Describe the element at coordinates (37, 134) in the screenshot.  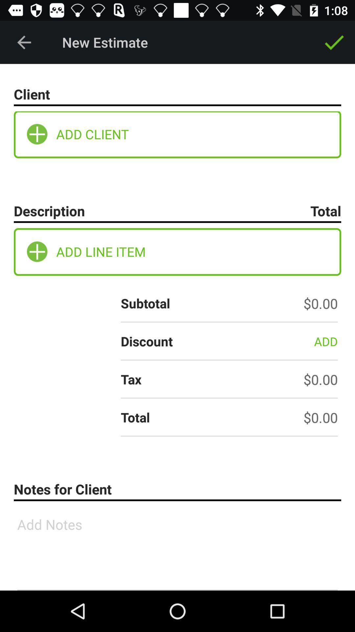
I see `under client` at that location.